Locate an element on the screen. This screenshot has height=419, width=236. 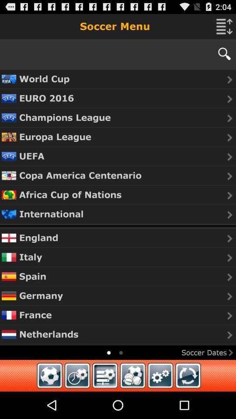
the refresh icon is located at coordinates (187, 402).